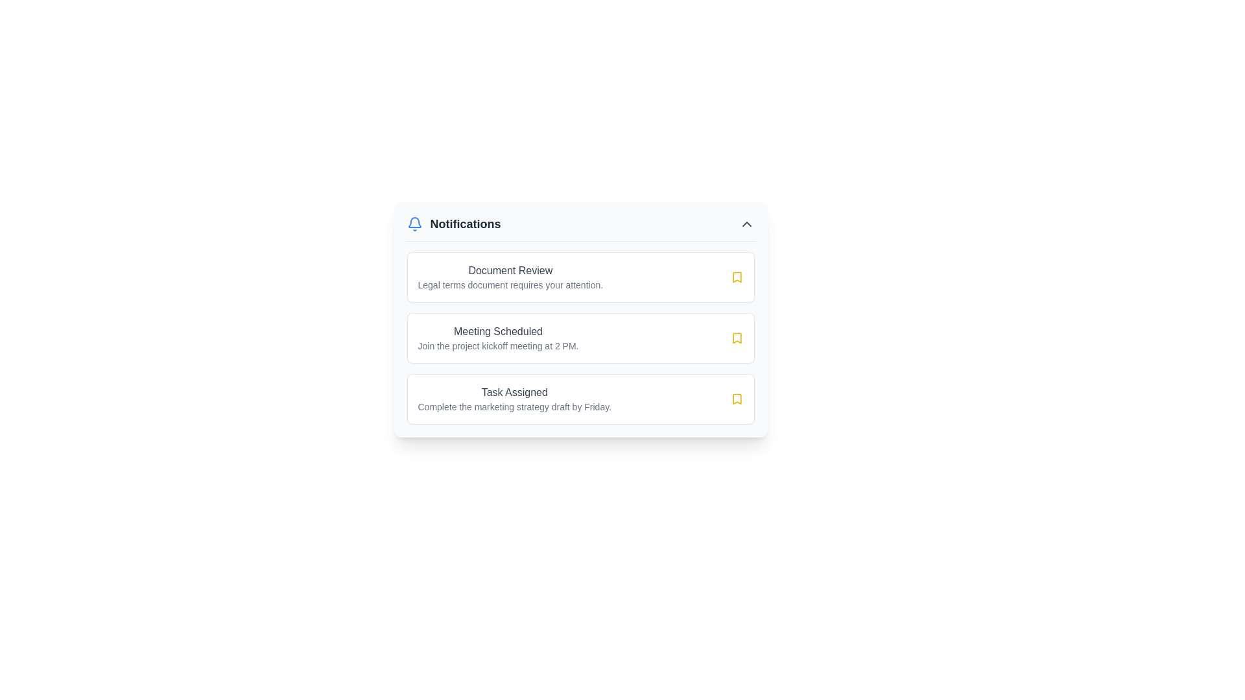 This screenshot has width=1245, height=700. Describe the element at coordinates (737, 337) in the screenshot. I see `the bookmark icon located at the far right of the 'Meeting Scheduled' notification item` at that location.